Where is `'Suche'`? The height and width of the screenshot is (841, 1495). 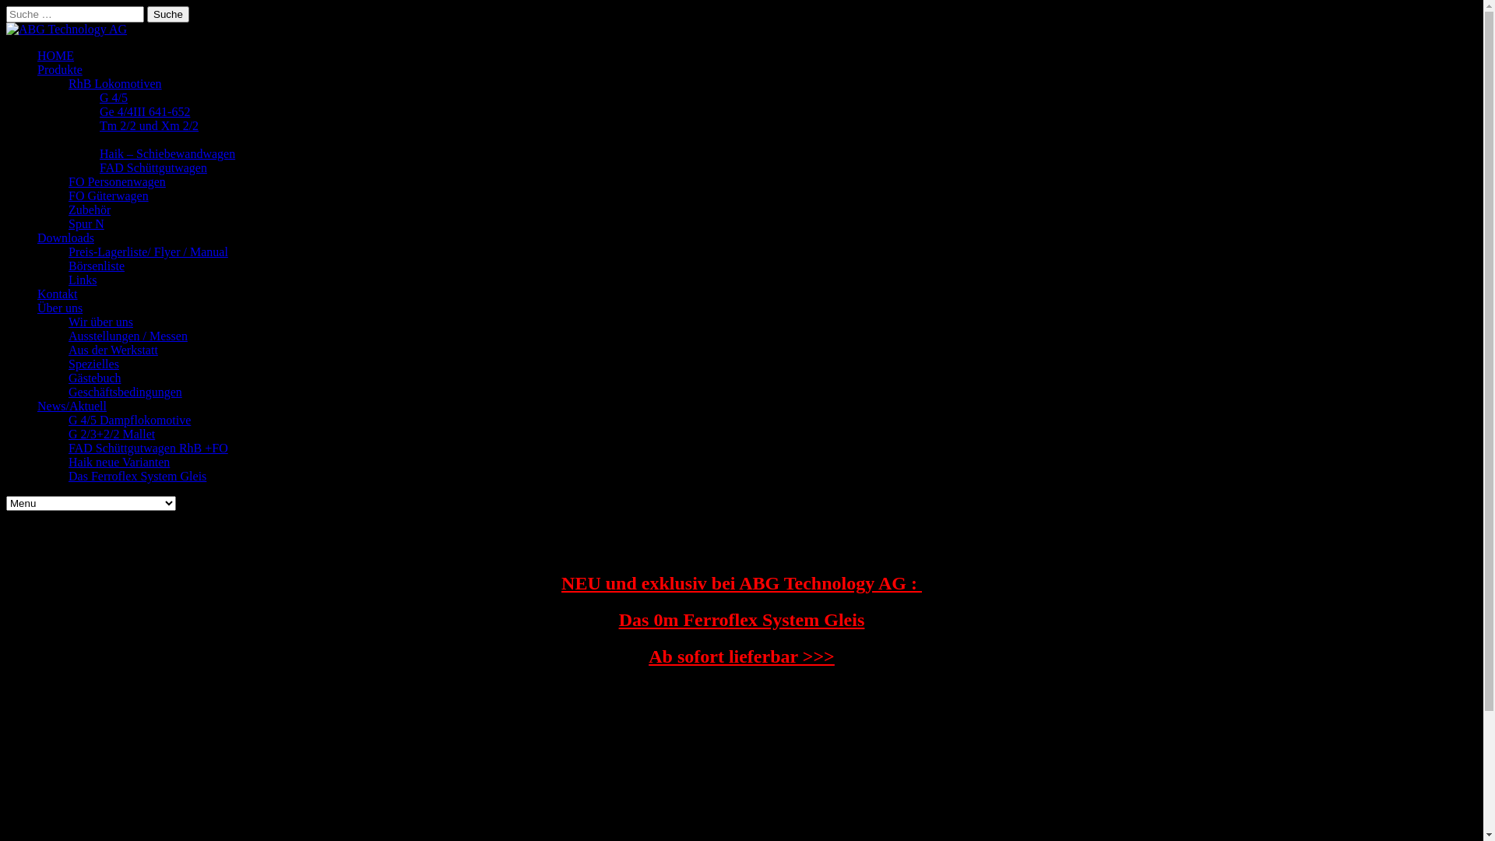
'Suche' is located at coordinates (168, 14).